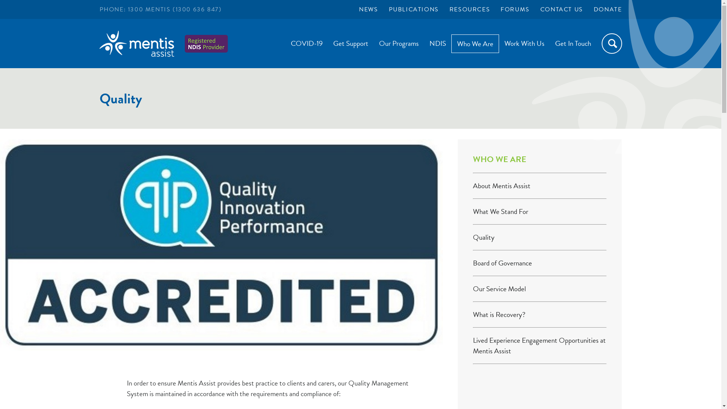 Image resolution: width=727 pixels, height=409 pixels. Describe the element at coordinates (413, 9) in the screenshot. I see `'PUBLICATIONS'` at that location.